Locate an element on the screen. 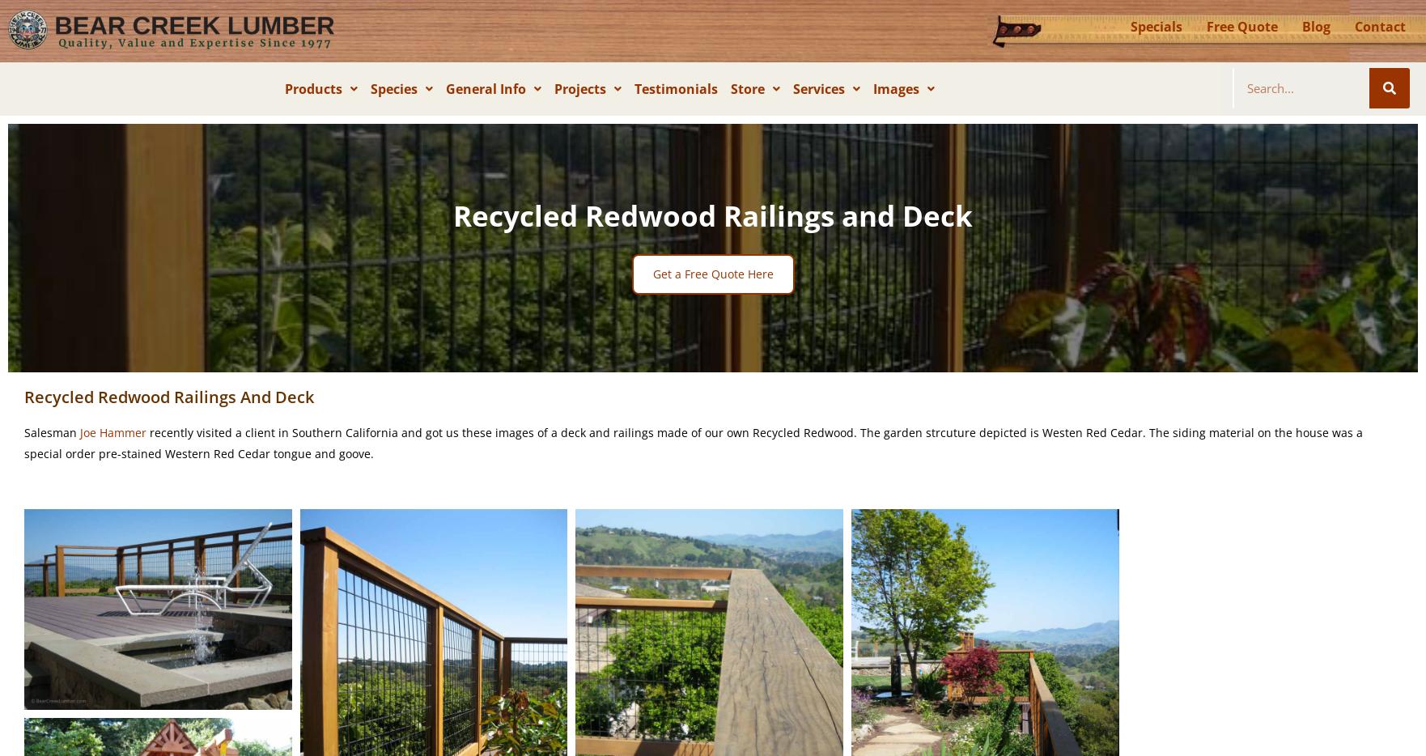 The width and height of the screenshot is (1426, 756). 'Western Red Cedar' is located at coordinates (451, 125).